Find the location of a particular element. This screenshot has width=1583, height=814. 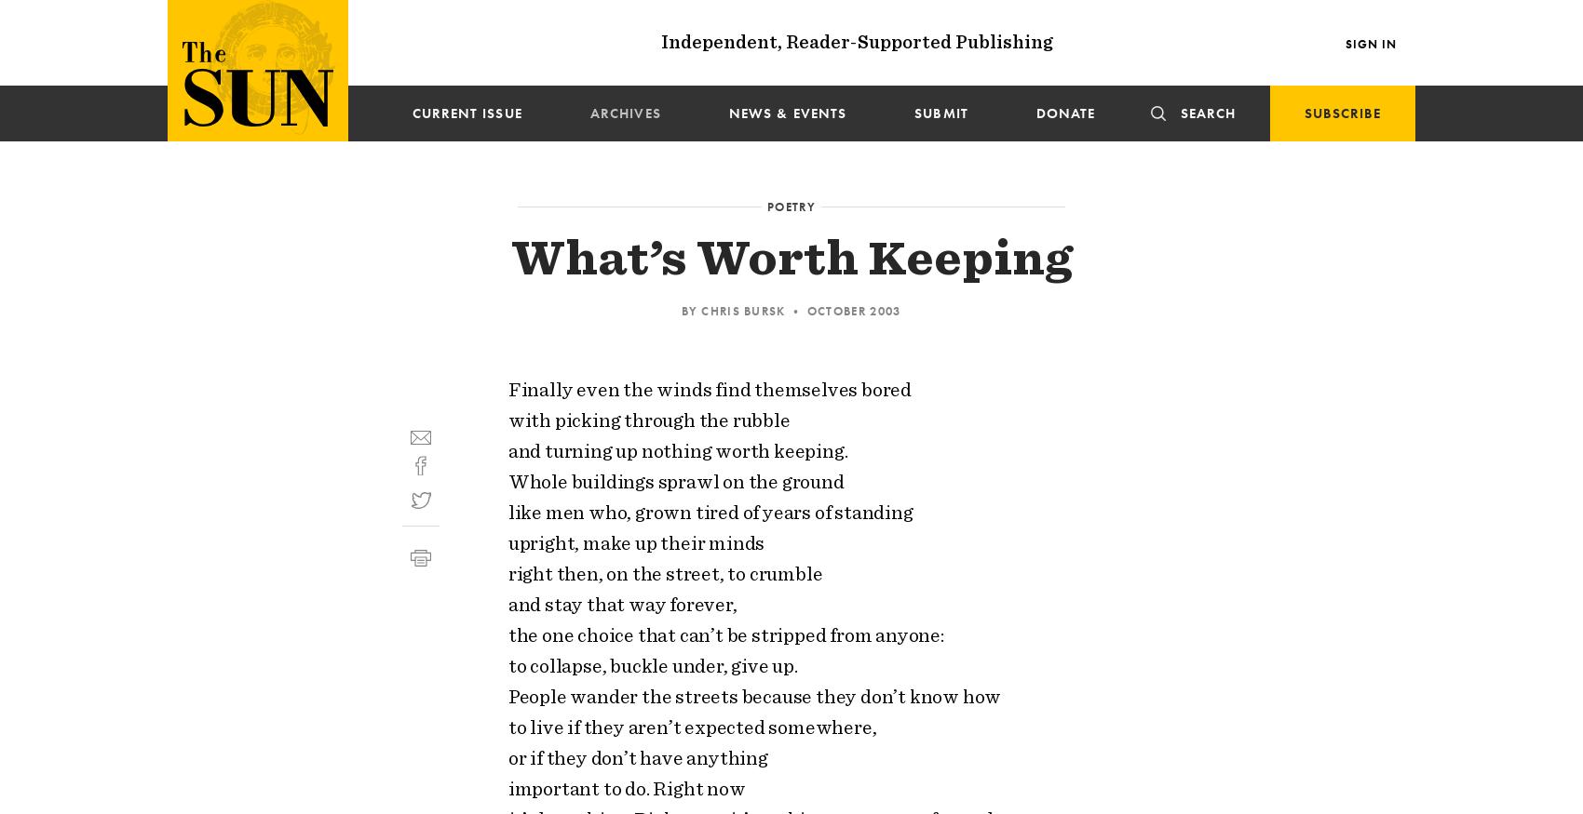

'Current issue' is located at coordinates (466, 113).